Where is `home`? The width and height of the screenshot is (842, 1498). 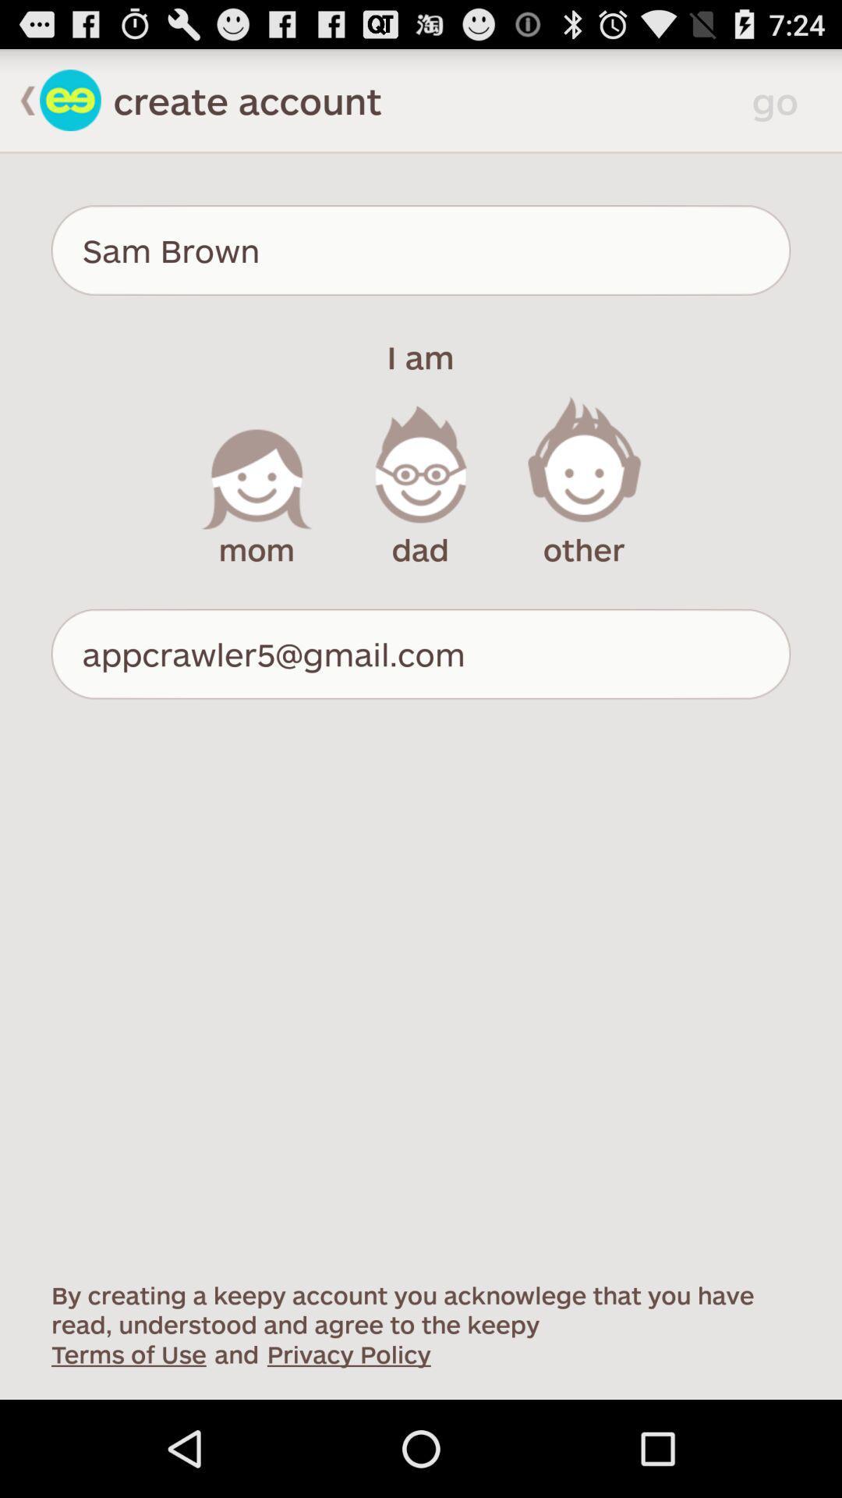 home is located at coordinates (70, 99).